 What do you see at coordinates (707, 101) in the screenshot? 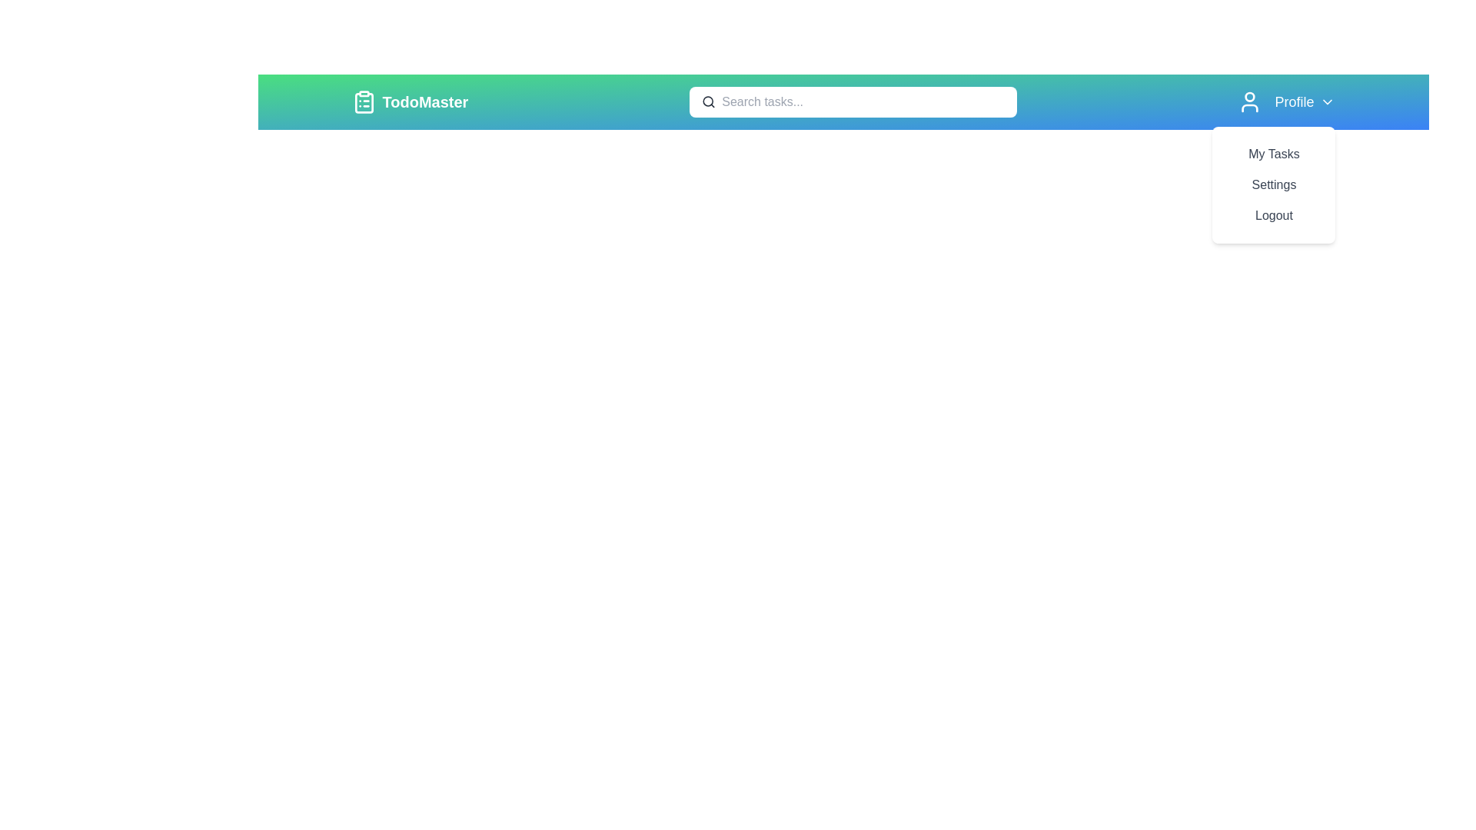
I see `the magnifying glass icon located at the leftmost side of the search bar positioned at the top center of the layout` at bounding box center [707, 101].